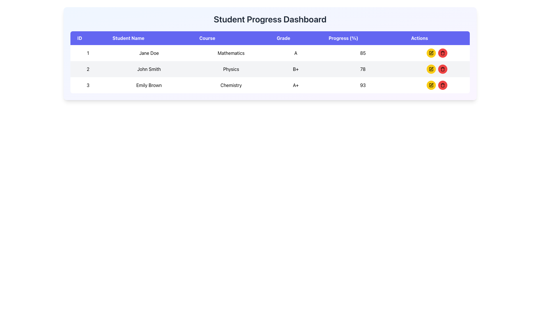 The width and height of the screenshot is (552, 310). What do you see at coordinates (270, 85) in the screenshot?
I see `the third table row that presents detailed information about a student, including their name, subject, grade, and progress score` at bounding box center [270, 85].